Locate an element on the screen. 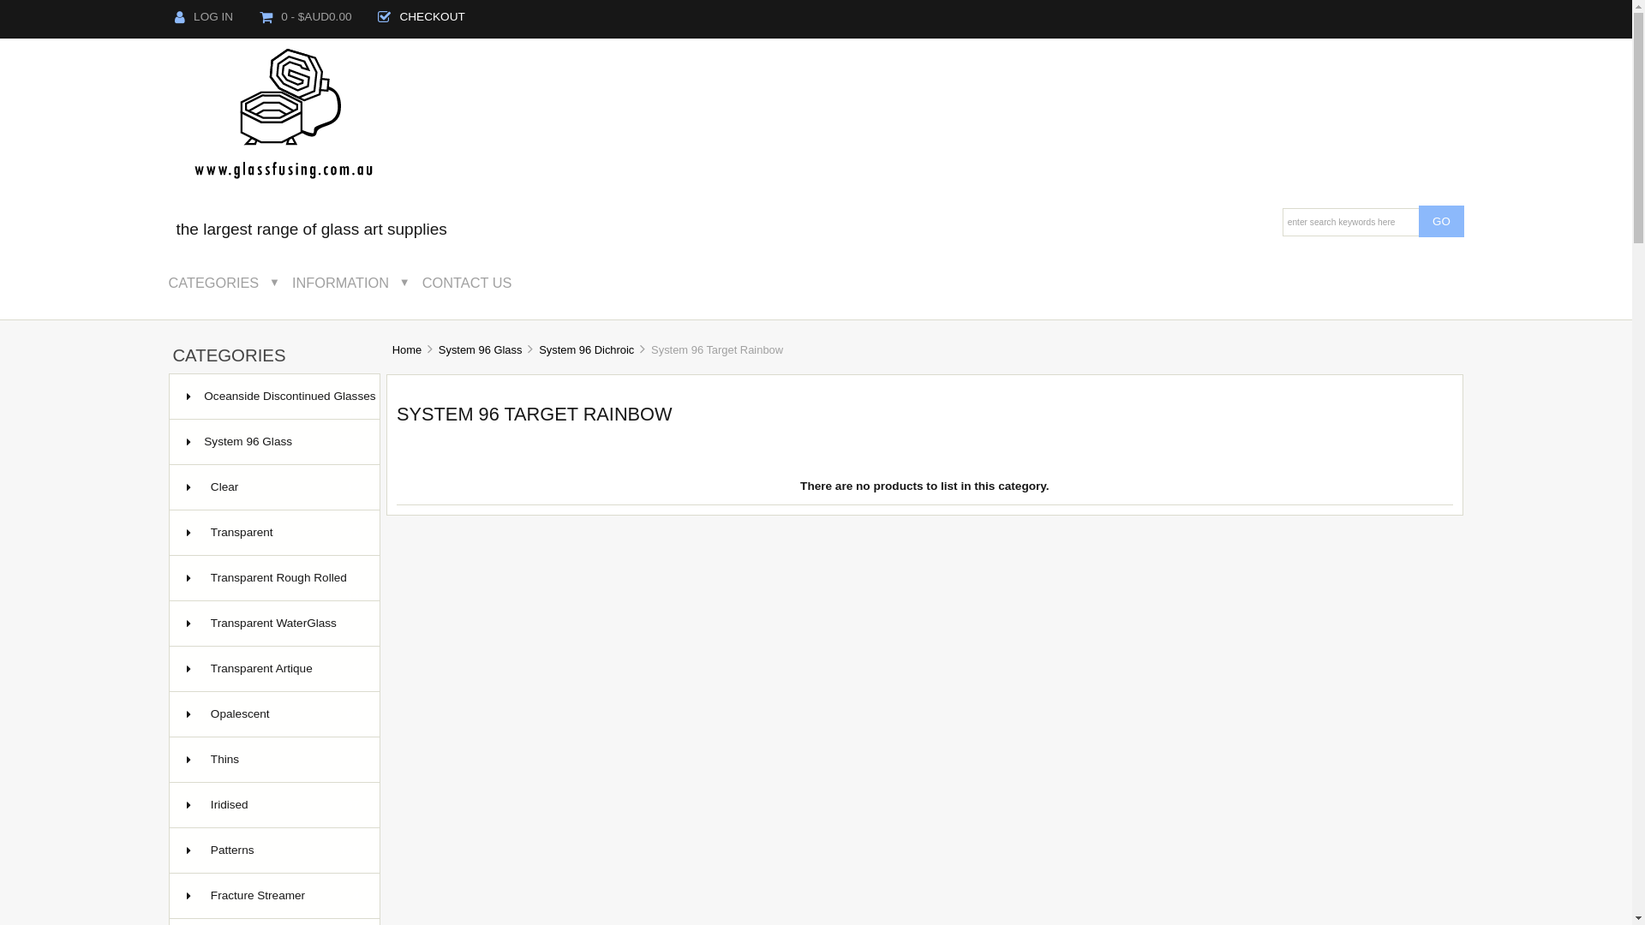  'CONTACT US' is located at coordinates (479, 282).